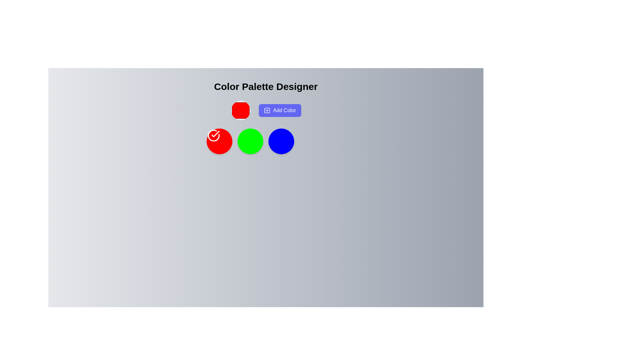  I want to click on the circular red button with a gray border, so click(240, 110).